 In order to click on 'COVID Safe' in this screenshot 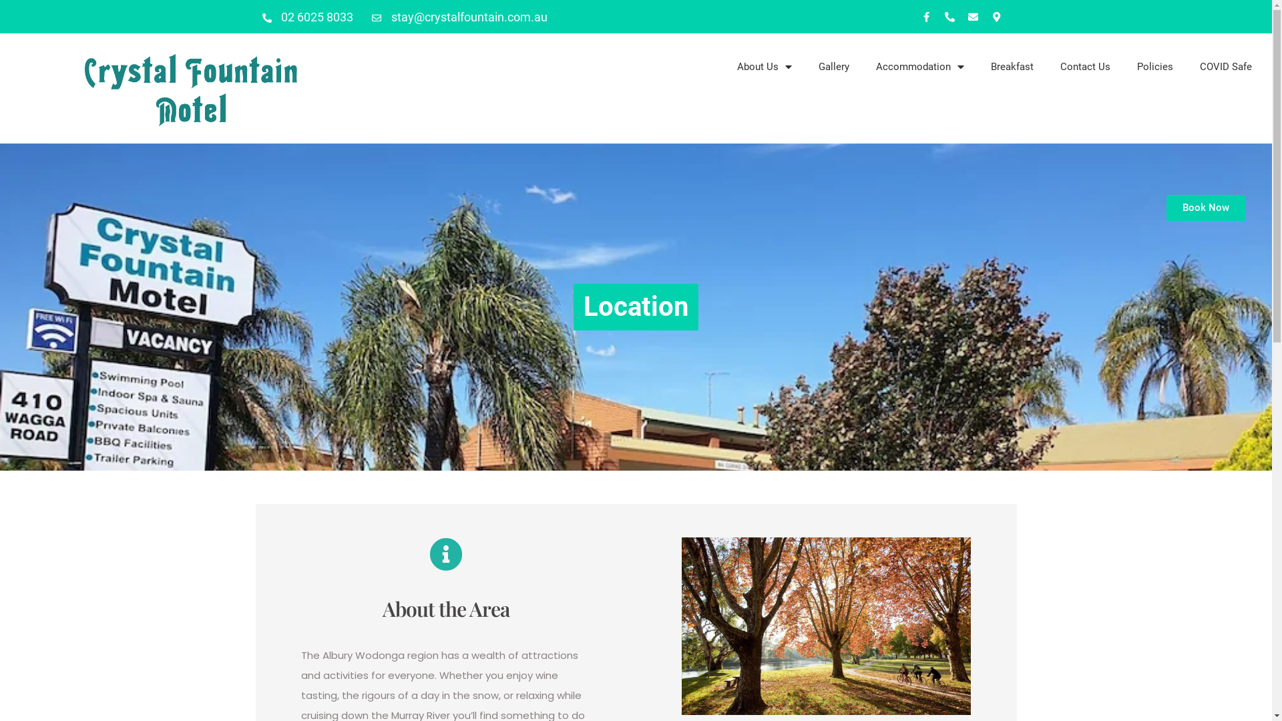, I will do `click(1186, 67)`.